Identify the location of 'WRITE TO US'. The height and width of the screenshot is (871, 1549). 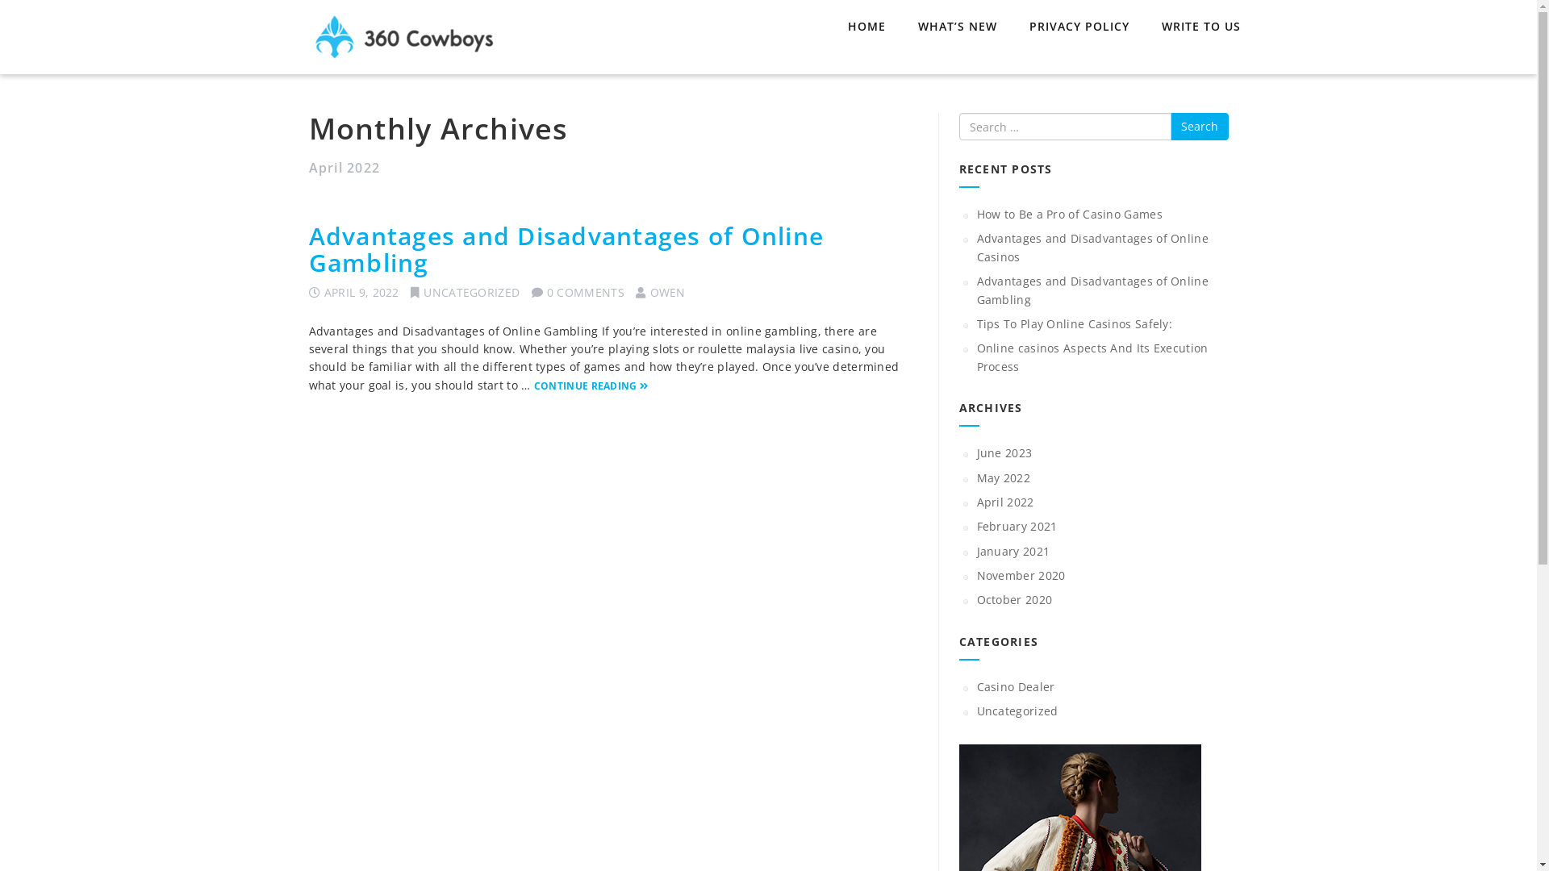
(1200, 27).